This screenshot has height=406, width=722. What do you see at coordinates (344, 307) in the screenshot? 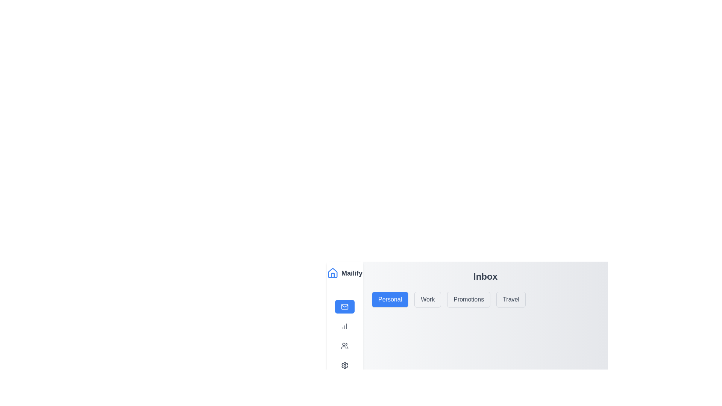
I see `the mail envelope icon located inside the blue rounded rectangle button in the left sidebar menu` at bounding box center [344, 307].